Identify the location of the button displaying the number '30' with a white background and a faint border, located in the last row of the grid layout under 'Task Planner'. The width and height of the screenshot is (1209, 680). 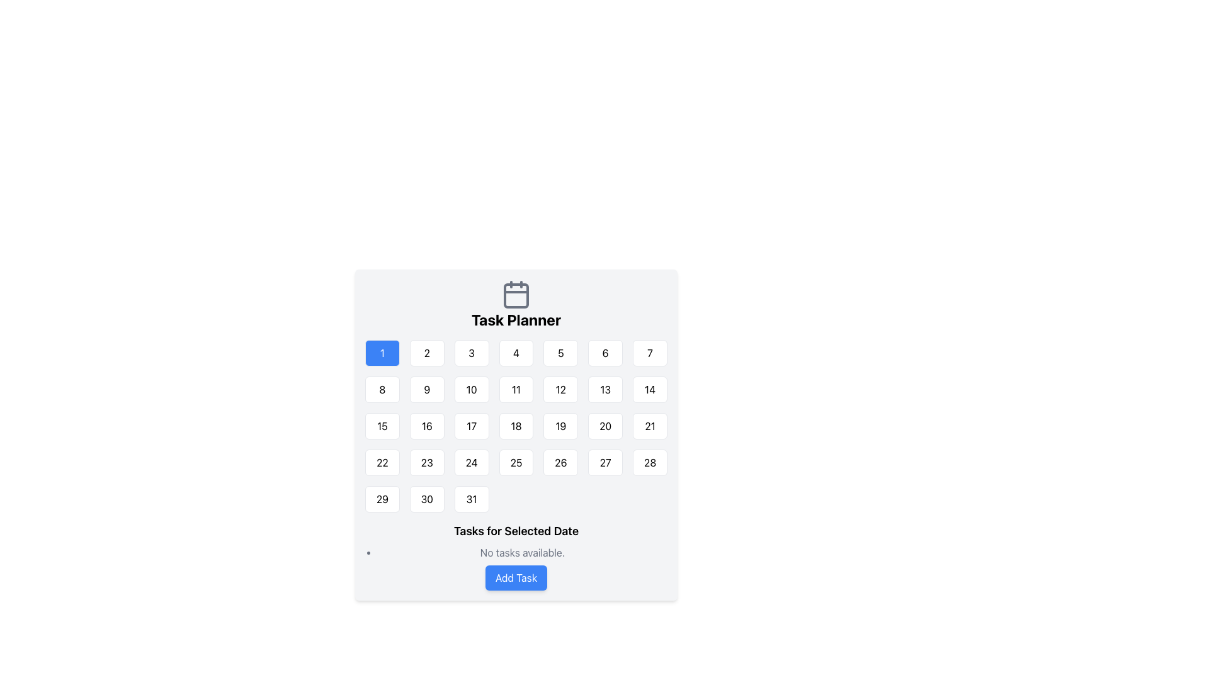
(427, 499).